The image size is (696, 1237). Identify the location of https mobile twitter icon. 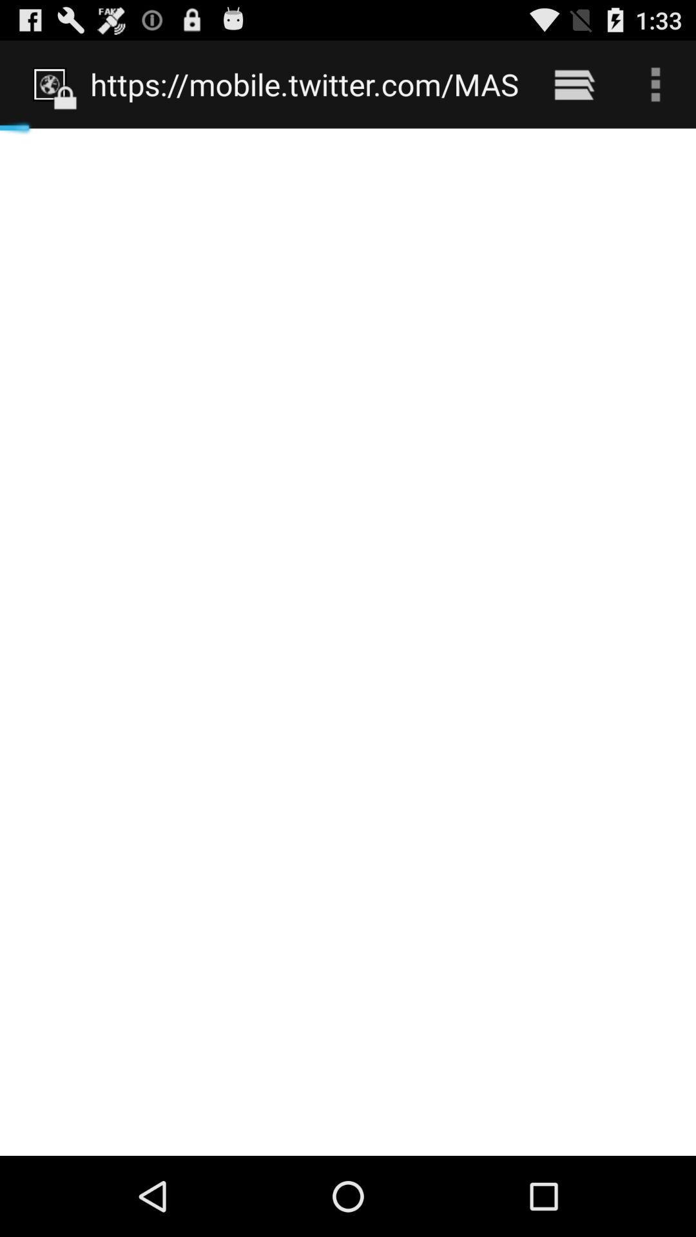
(304, 84).